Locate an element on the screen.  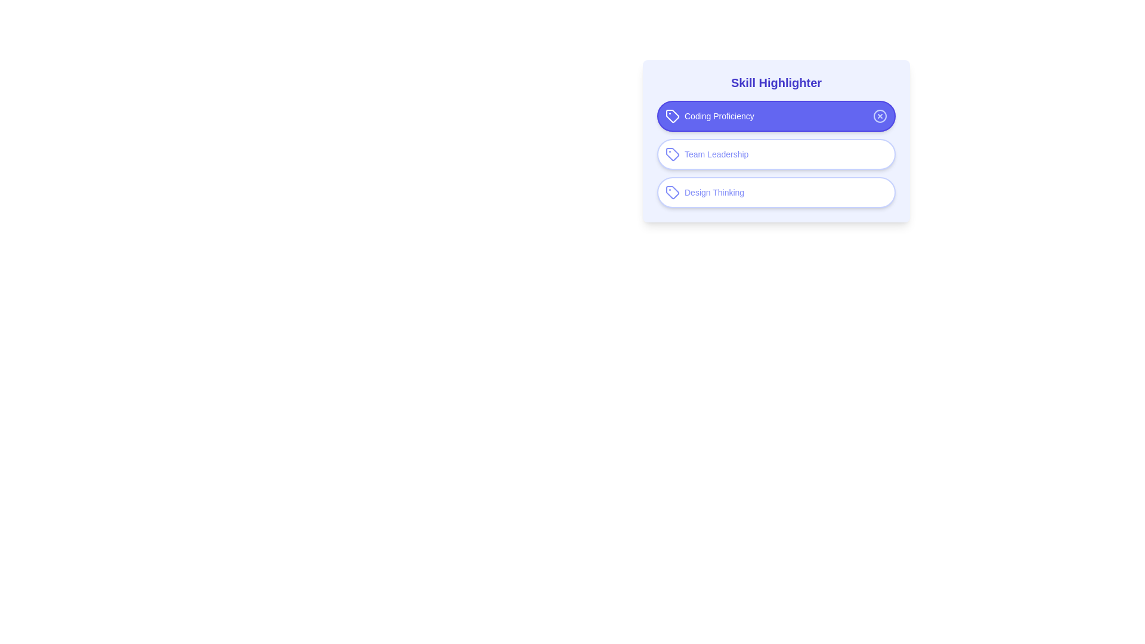
the close icon of the highlighted chip is located at coordinates (880, 116).